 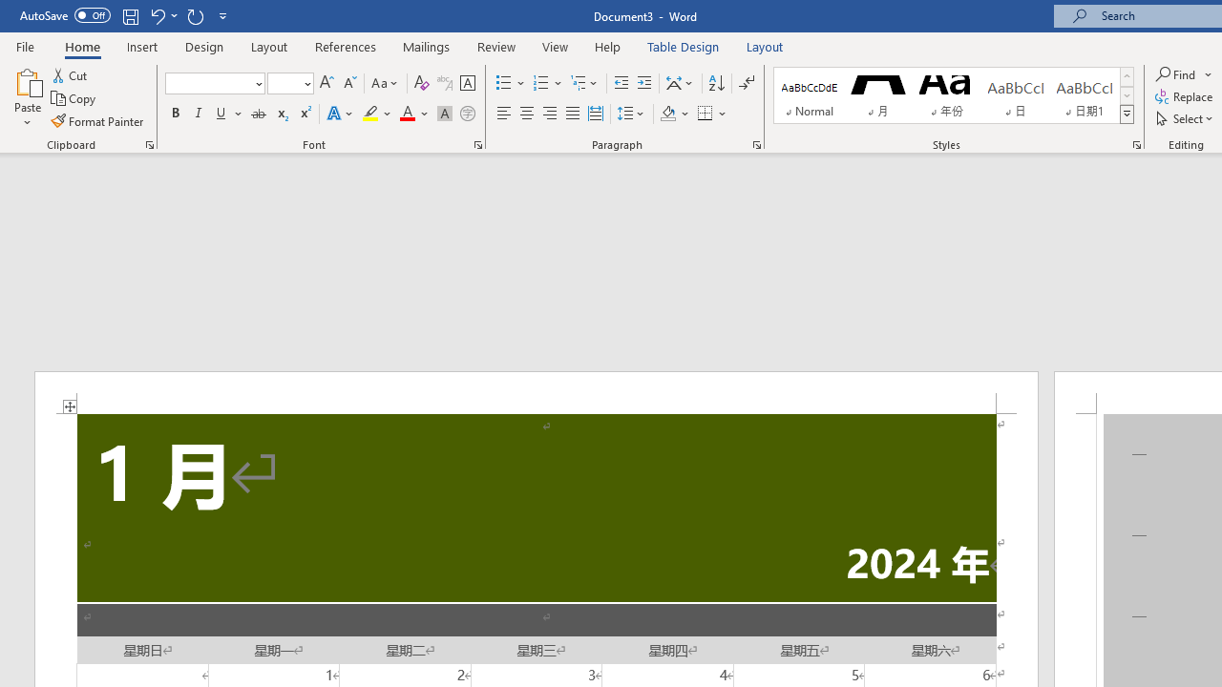 I want to click on 'Align Right', so click(x=549, y=114).